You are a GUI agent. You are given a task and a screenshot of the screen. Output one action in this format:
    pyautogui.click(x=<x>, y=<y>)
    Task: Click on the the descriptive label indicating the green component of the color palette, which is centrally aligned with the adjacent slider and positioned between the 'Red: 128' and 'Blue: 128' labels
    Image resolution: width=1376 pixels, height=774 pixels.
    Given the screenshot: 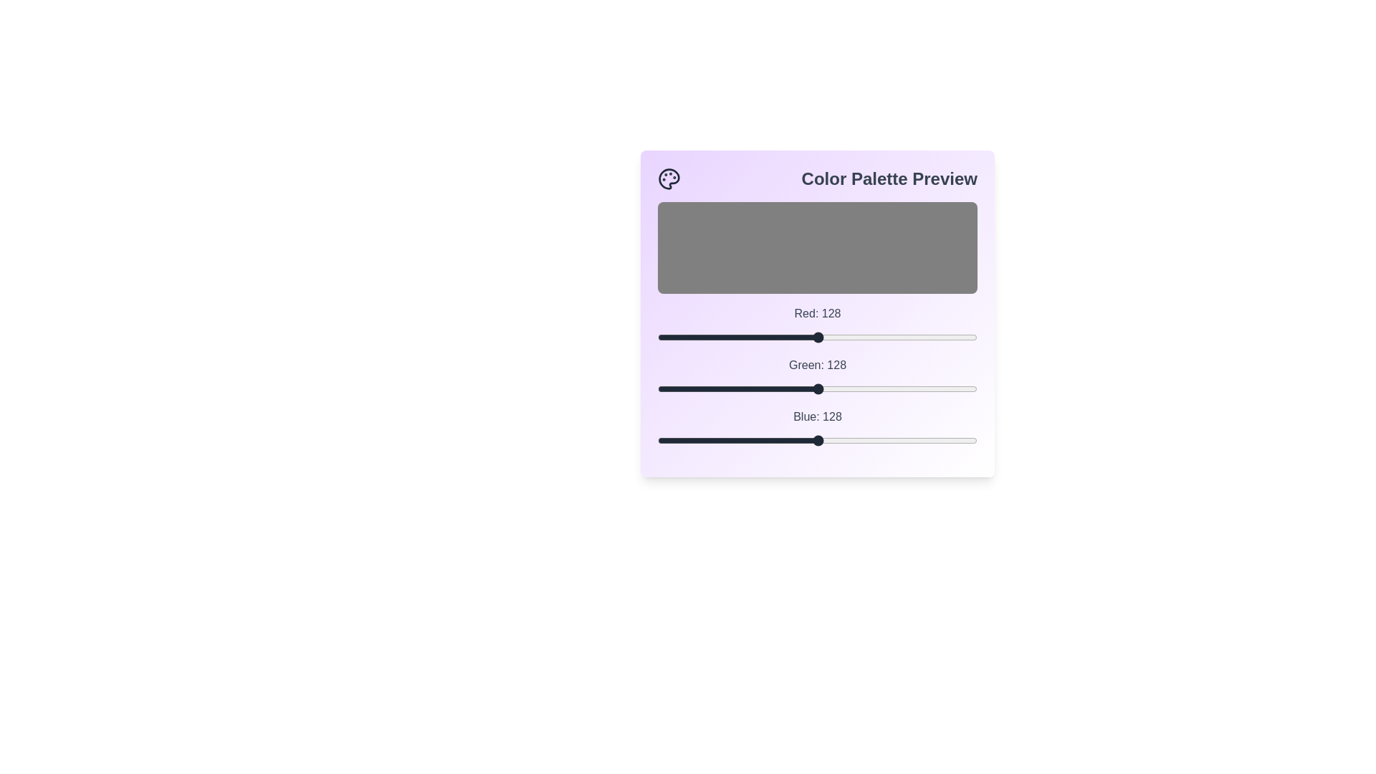 What is the action you would take?
    pyautogui.click(x=818, y=364)
    